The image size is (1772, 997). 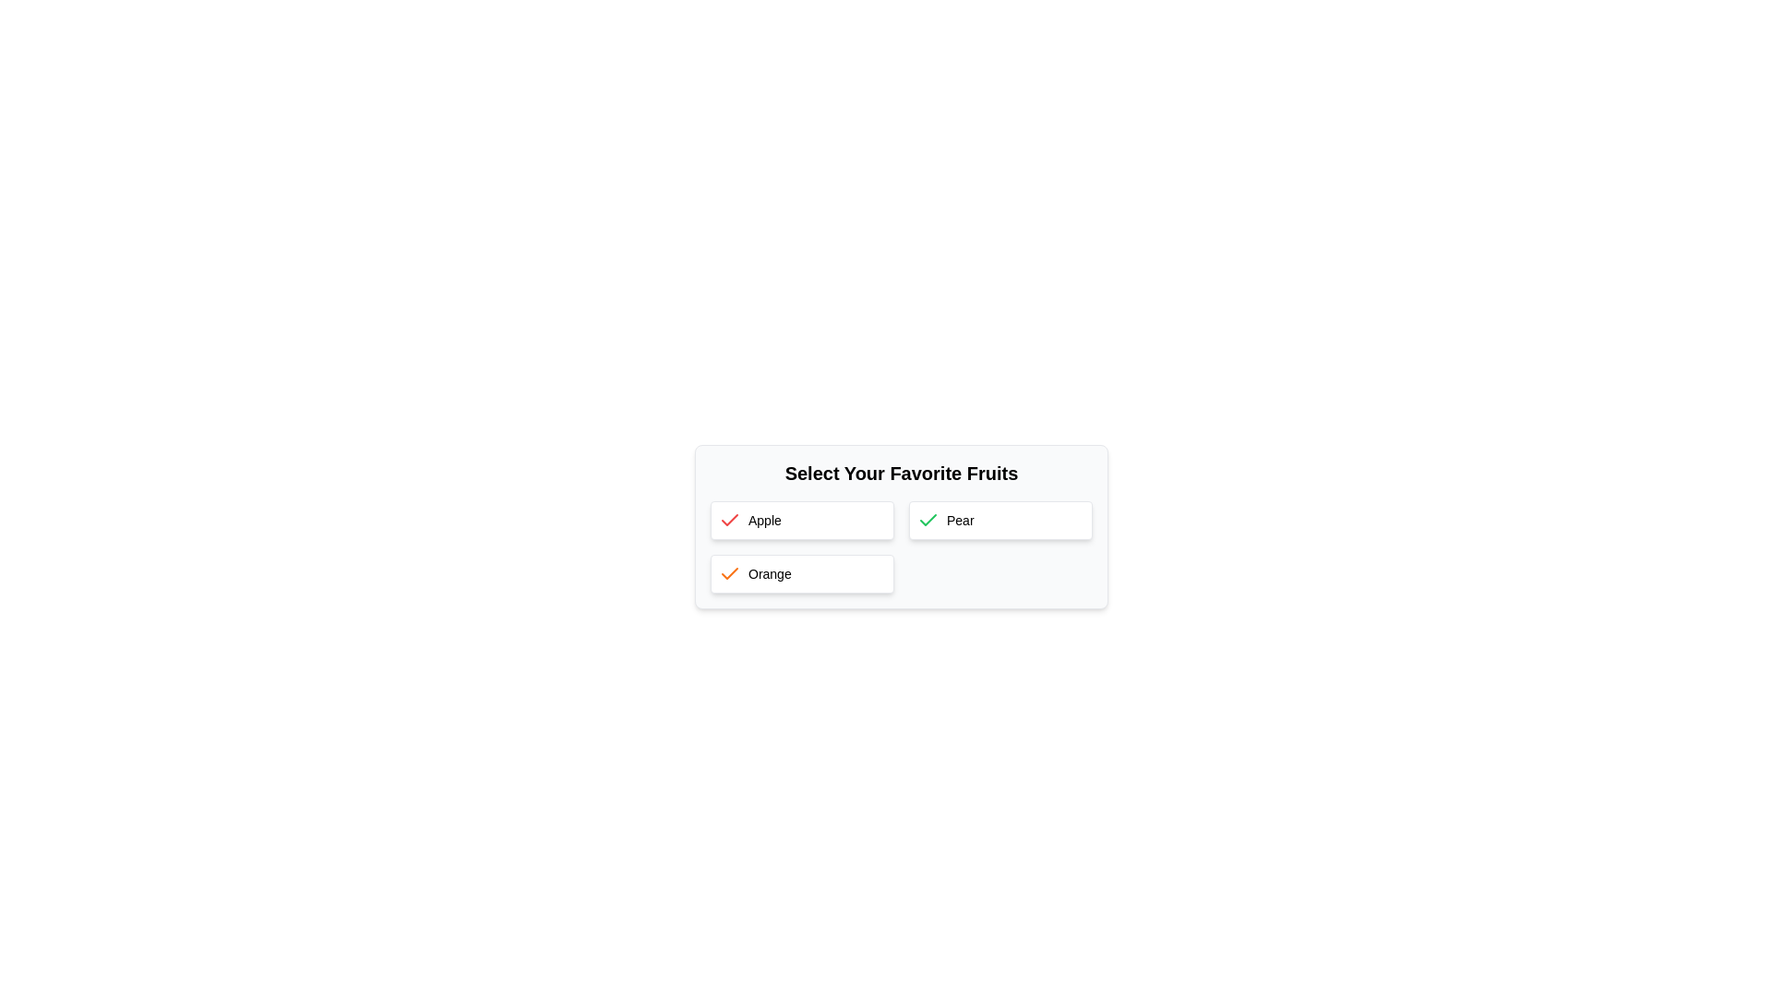 What do you see at coordinates (729, 520) in the screenshot?
I see `the checkmark icon` at bounding box center [729, 520].